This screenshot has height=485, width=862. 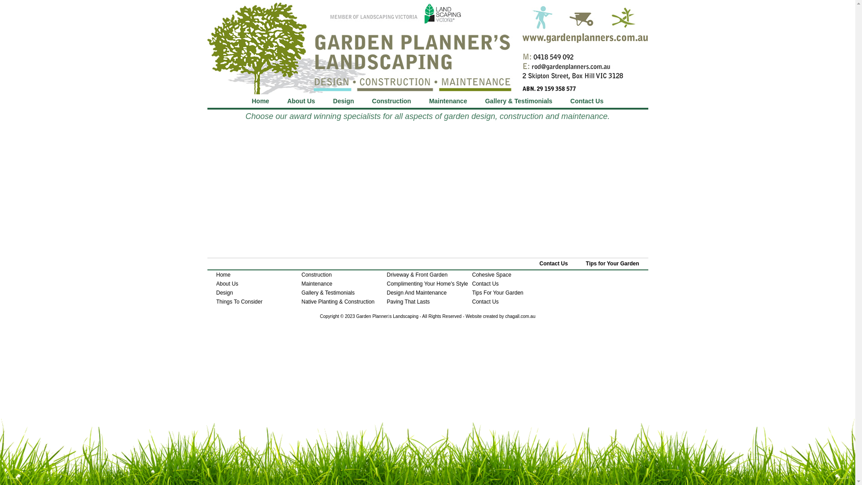 What do you see at coordinates (338, 301) in the screenshot?
I see `'Native Planting & Construction'` at bounding box center [338, 301].